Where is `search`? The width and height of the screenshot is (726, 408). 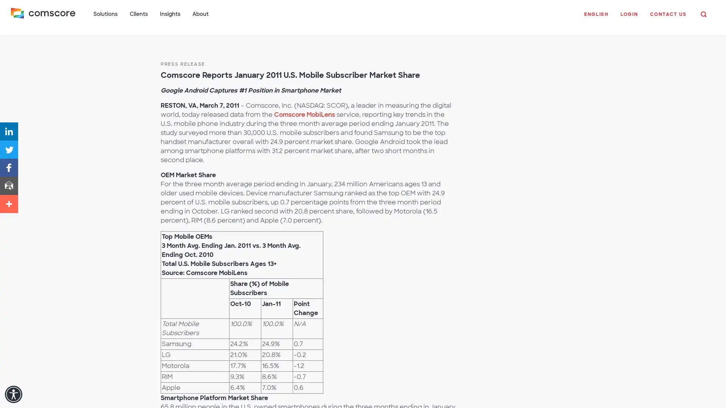
search is located at coordinates (702, 14).